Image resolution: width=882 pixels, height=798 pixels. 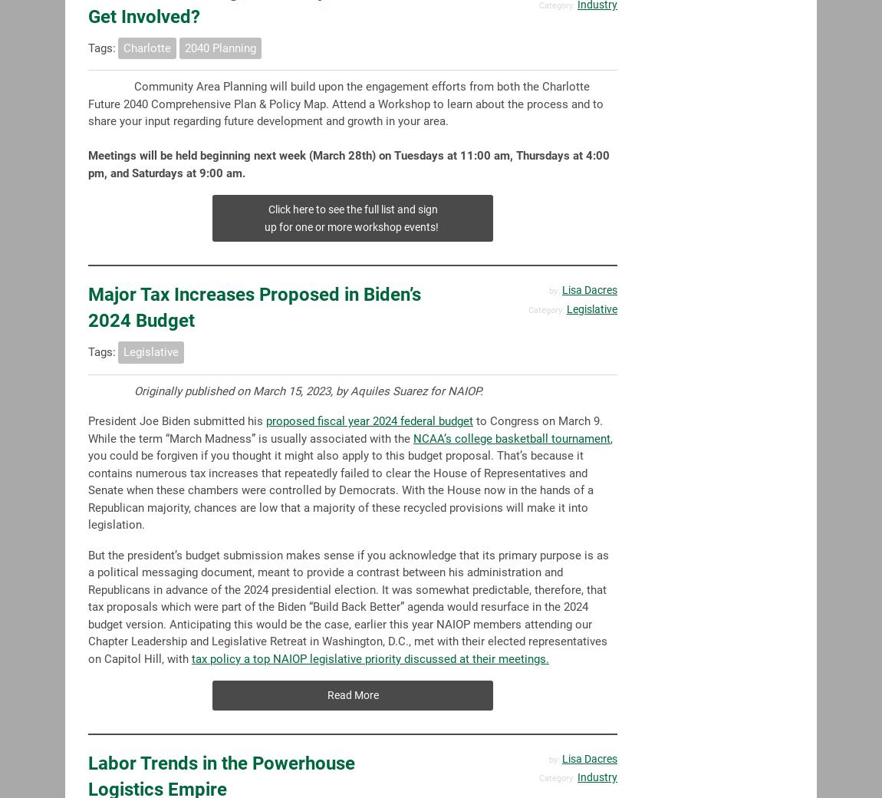 I want to click on 'NCAA’s college basketball tournament', so click(x=413, y=437).